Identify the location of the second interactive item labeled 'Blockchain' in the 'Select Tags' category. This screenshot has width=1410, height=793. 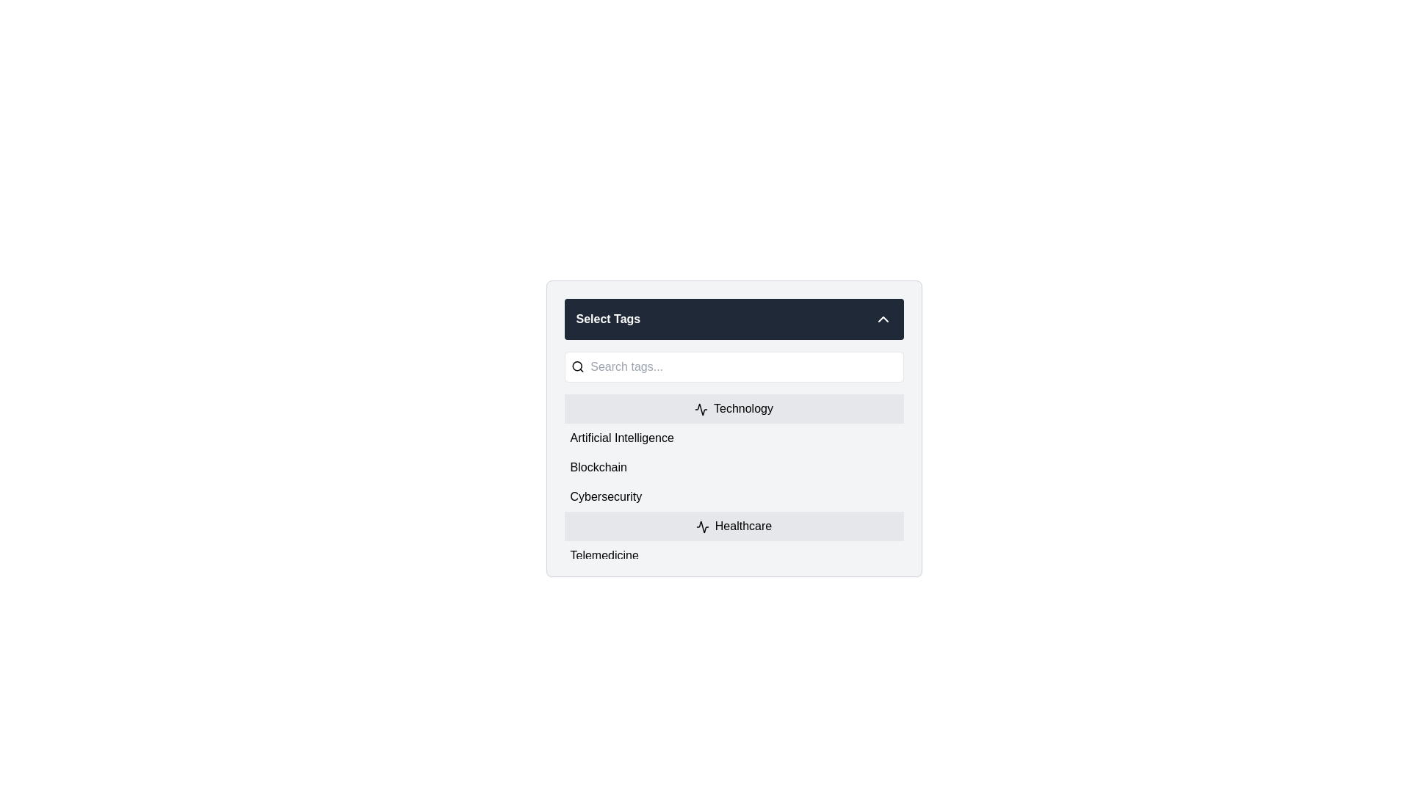
(734, 467).